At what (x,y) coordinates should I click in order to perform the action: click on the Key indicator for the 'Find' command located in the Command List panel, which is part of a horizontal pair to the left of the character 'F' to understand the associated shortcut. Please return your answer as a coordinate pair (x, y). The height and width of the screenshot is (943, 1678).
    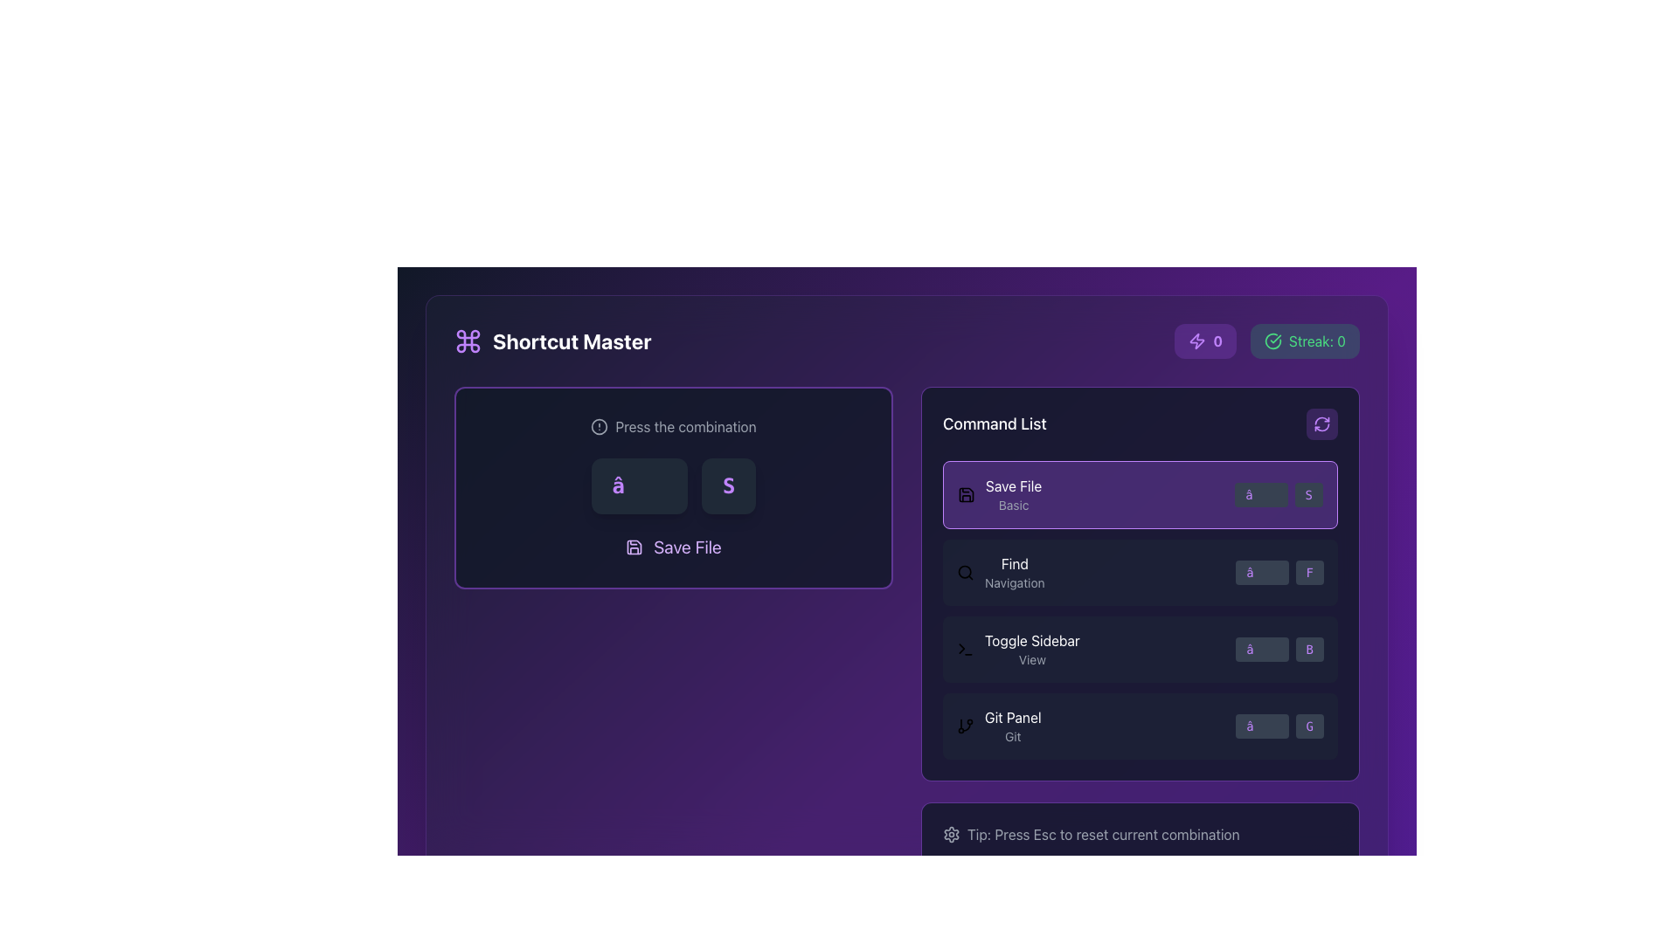
    Looking at the image, I should click on (1262, 572).